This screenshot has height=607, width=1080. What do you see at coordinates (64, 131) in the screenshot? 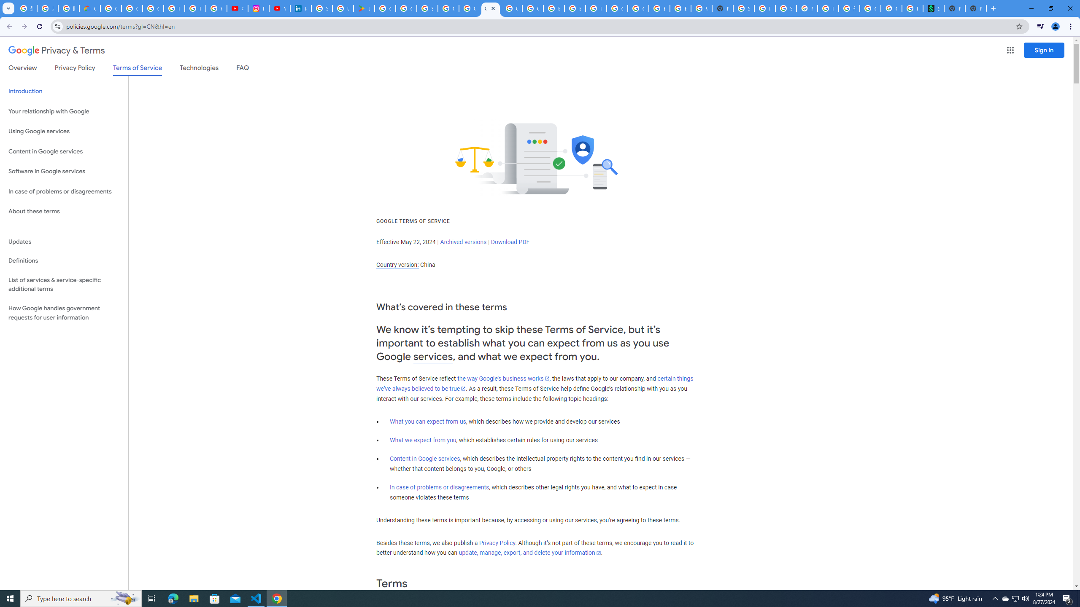
I see `'Using Google services'` at bounding box center [64, 131].